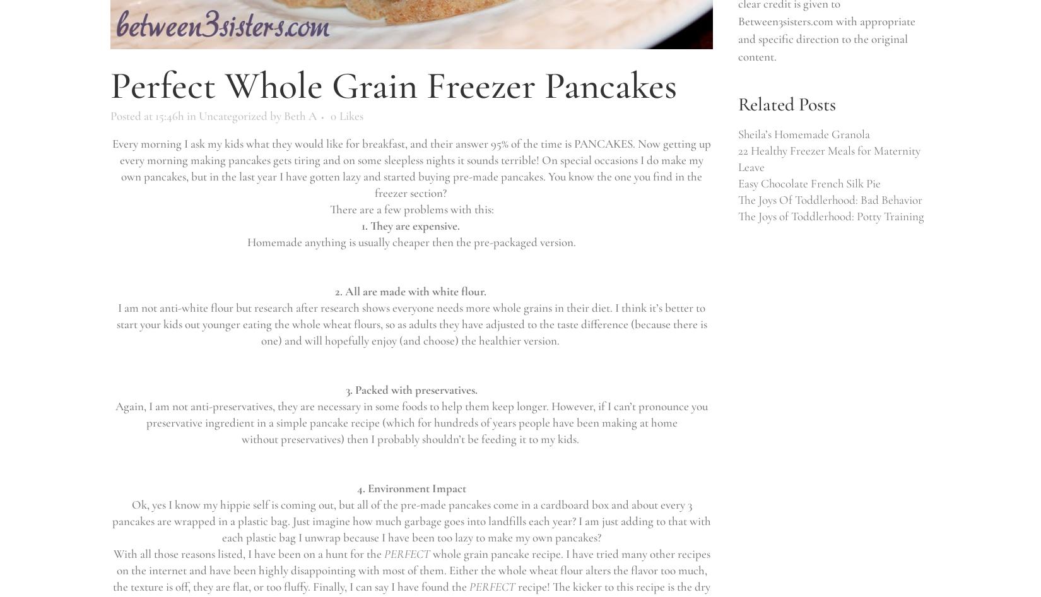  What do you see at coordinates (110, 115) in the screenshot?
I see `'Posted at 15:46h'` at bounding box center [110, 115].